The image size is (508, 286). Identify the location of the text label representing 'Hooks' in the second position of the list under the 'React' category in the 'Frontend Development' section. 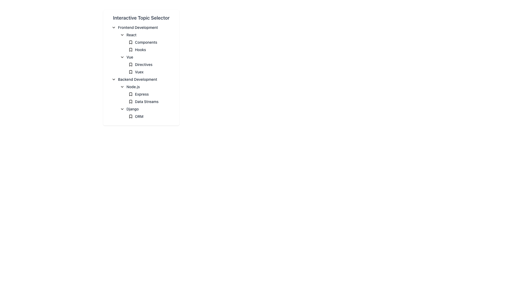
(146, 53).